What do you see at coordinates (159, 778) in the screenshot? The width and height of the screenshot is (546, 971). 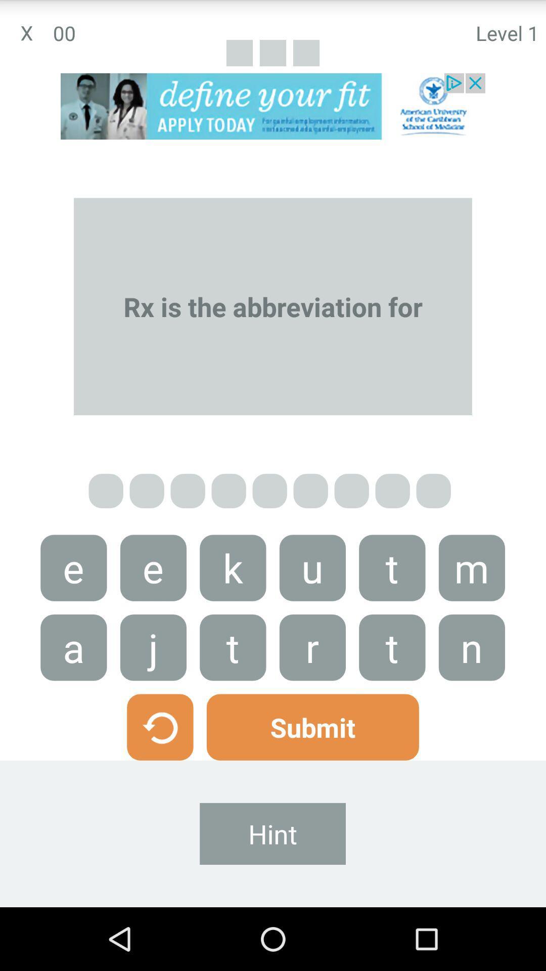 I see `the refresh icon` at bounding box center [159, 778].